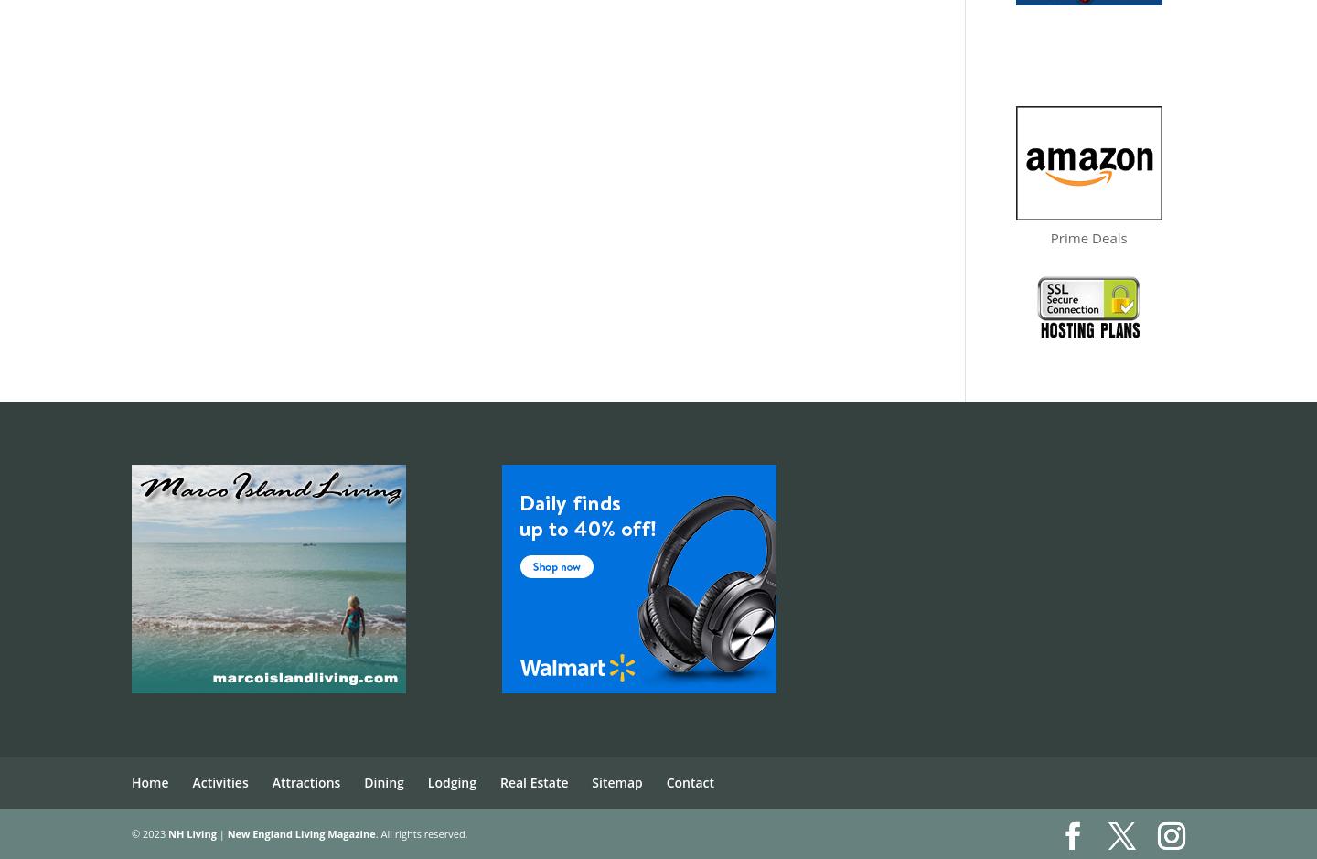  Describe the element at coordinates (149, 832) in the screenshot. I see `'© 2023'` at that location.